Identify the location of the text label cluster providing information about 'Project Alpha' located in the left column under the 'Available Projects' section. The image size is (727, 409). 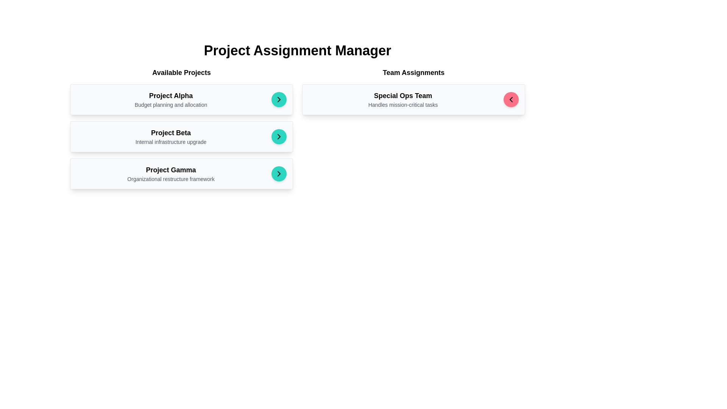
(170, 99).